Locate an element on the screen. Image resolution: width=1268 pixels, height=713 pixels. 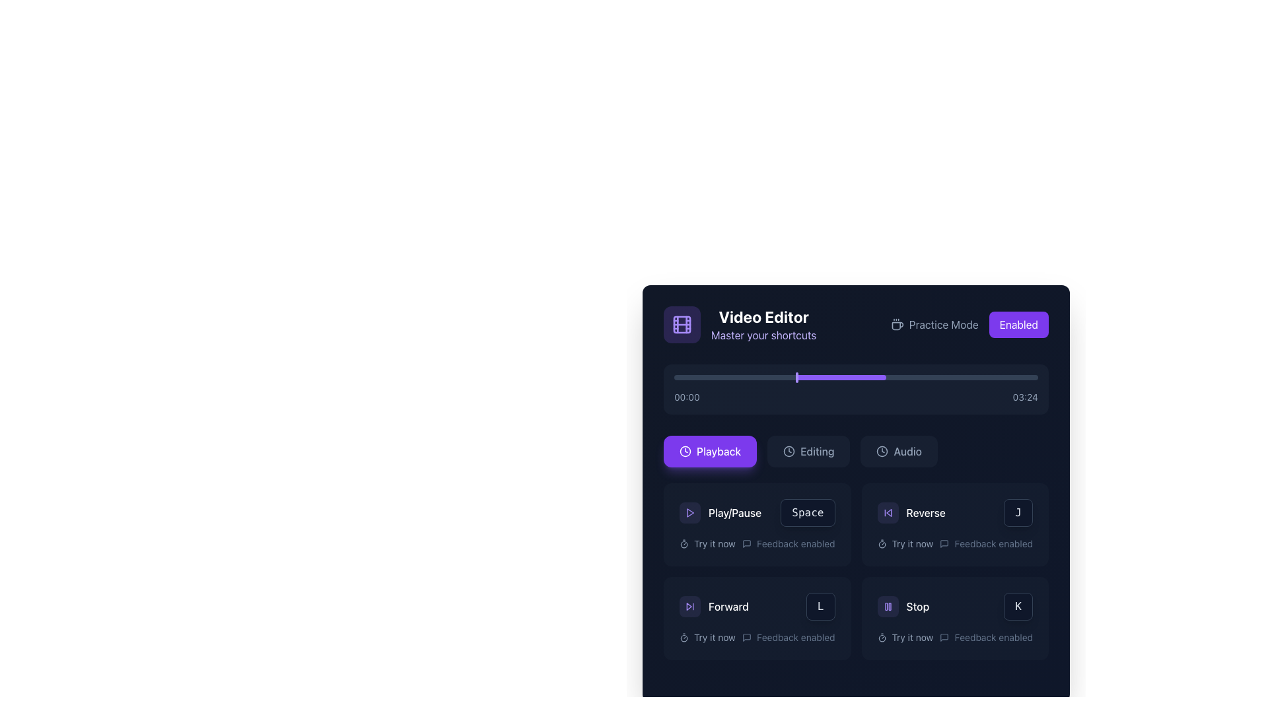
the small speech bubble icon indicating the comment or feedback feature, located to the left of the 'Feedback enabled' text is located at coordinates (746, 544).